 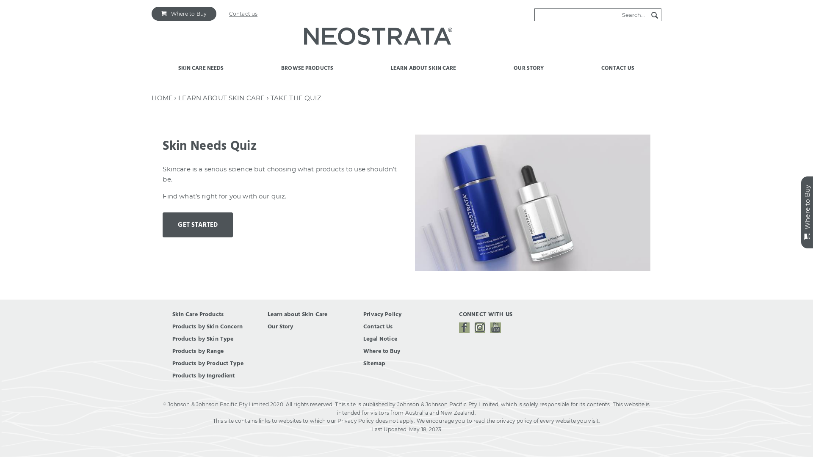 I want to click on 'SKIN CARE NEEDS', so click(x=201, y=72).